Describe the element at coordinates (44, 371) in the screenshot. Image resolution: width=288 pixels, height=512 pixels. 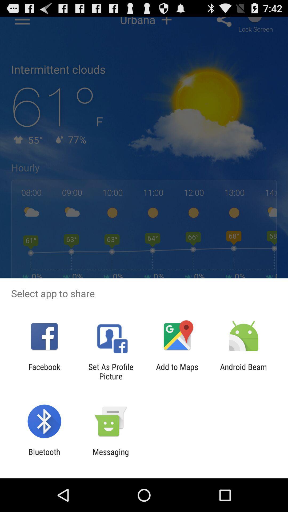
I see `the icon to the left of set as profile item` at that location.